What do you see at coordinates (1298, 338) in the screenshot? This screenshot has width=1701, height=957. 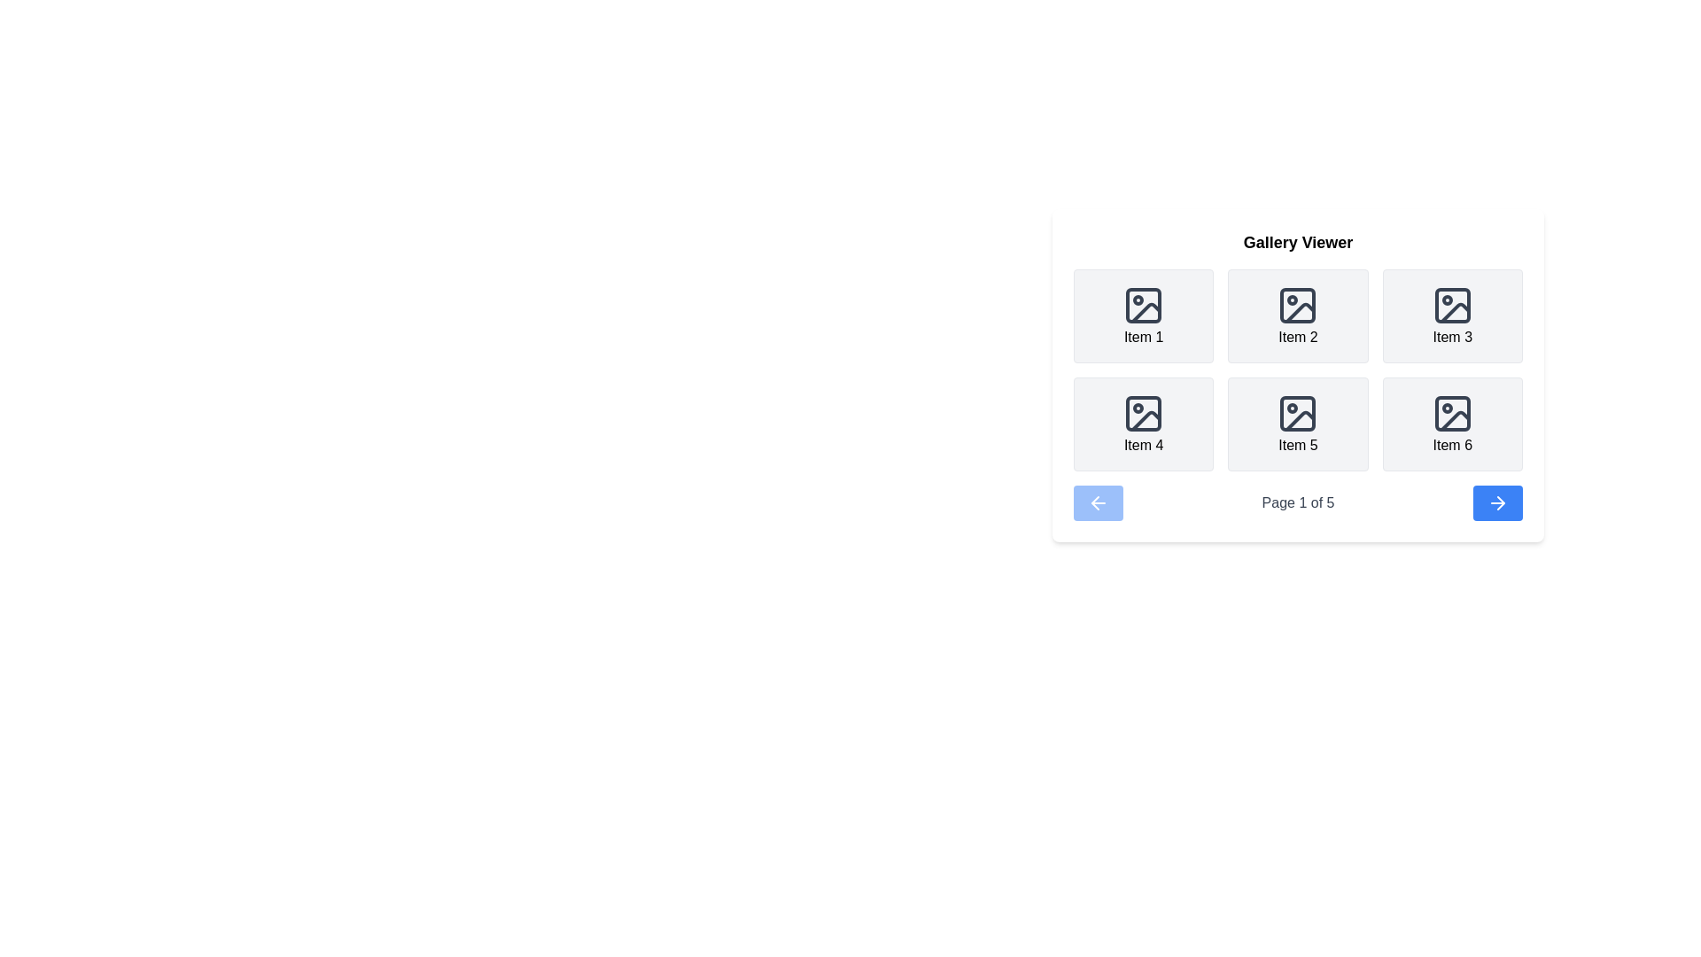 I see `the text label displaying 'Item 2', which is positioned below the graphical image icon in the second box of the first row in the 'Gallery Viewer'` at bounding box center [1298, 338].